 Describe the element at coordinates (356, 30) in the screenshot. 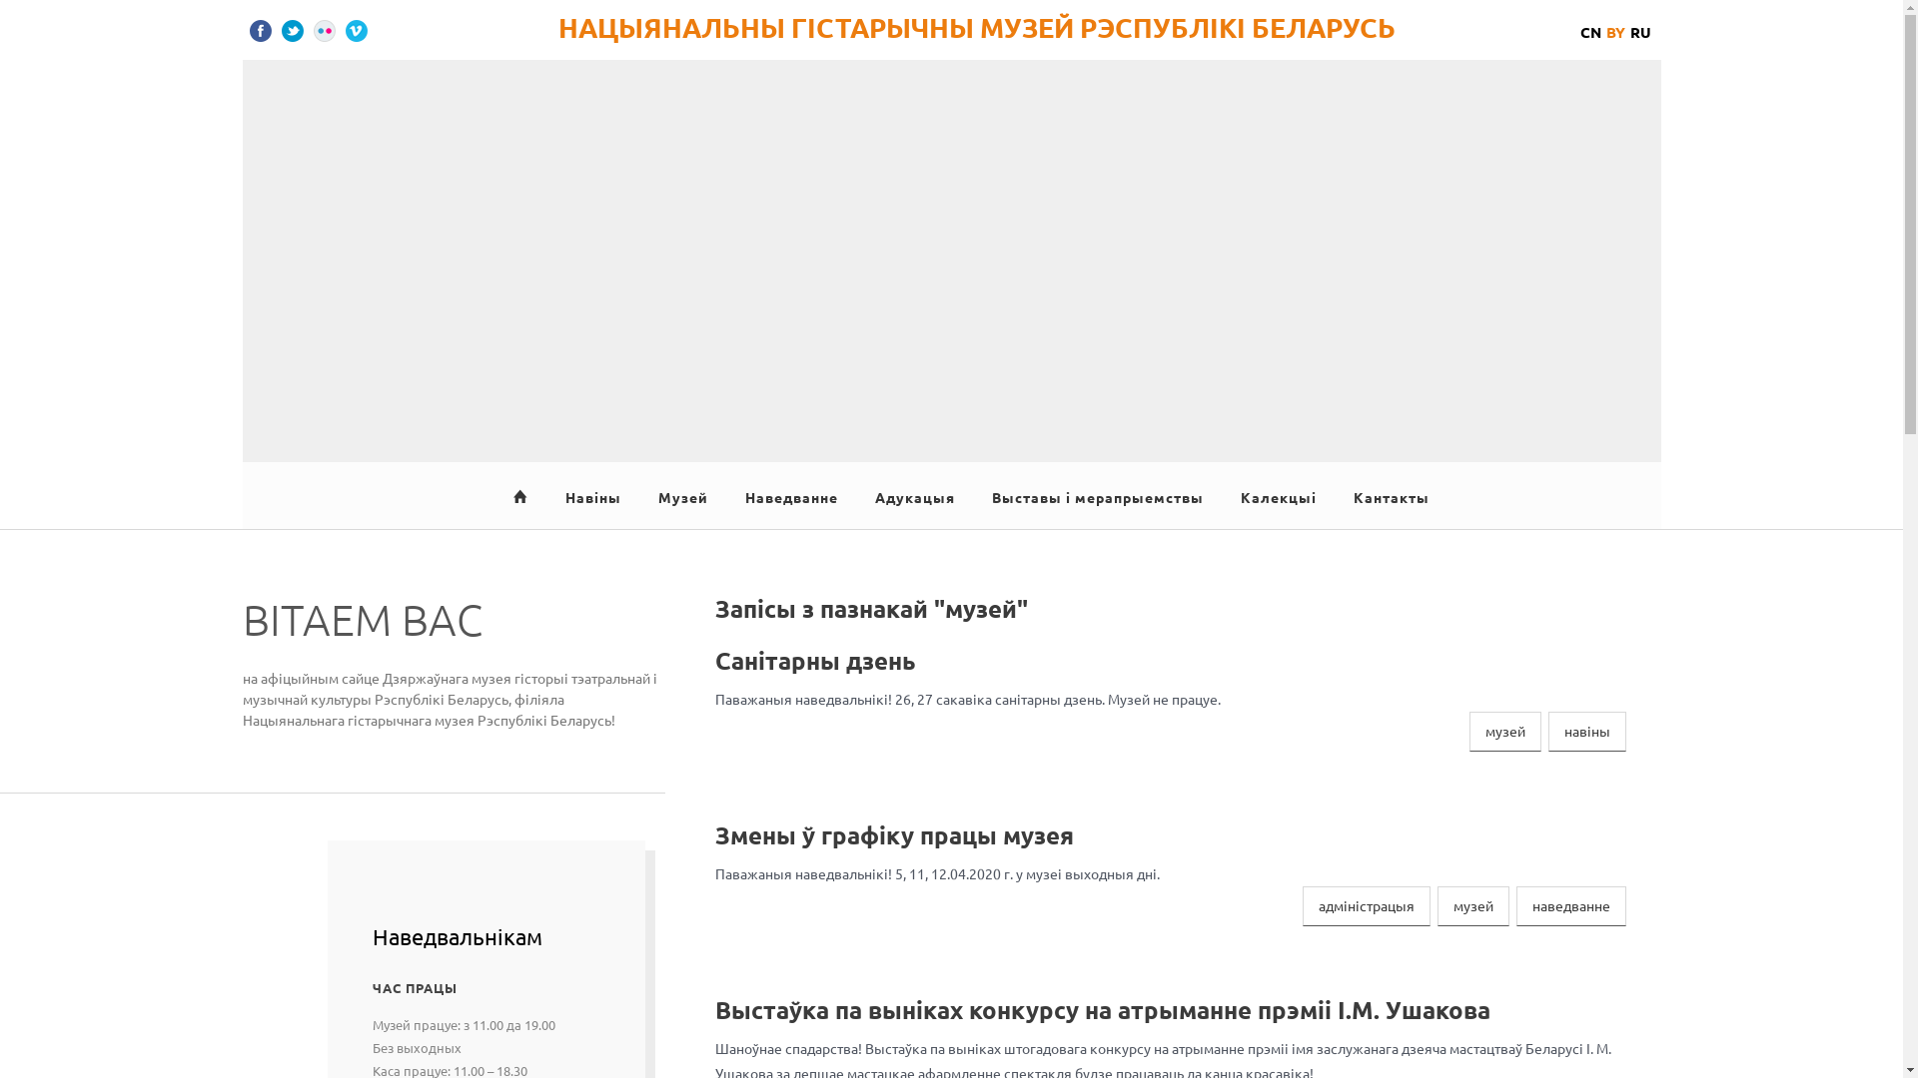

I see `'Vimeo'` at that location.